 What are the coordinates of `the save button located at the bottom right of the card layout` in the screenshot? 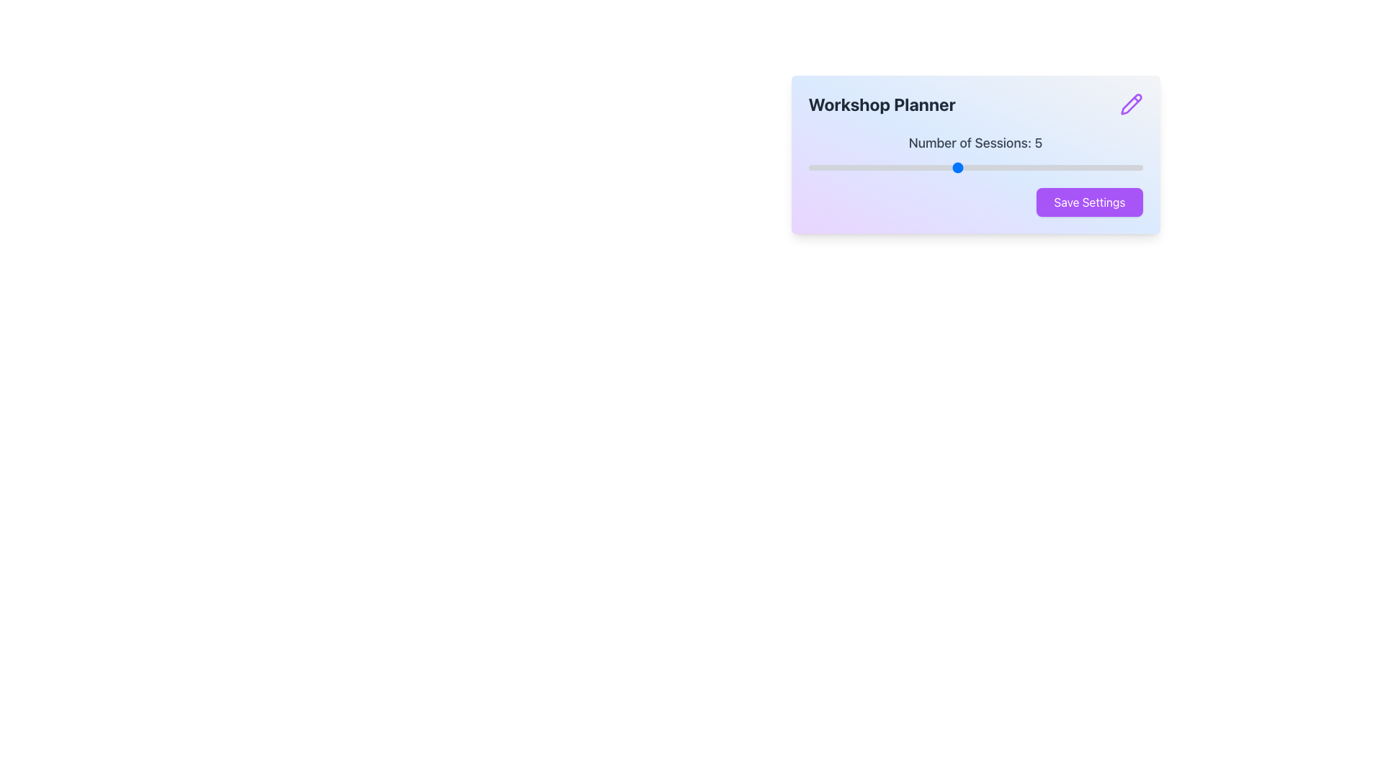 It's located at (1089, 202).